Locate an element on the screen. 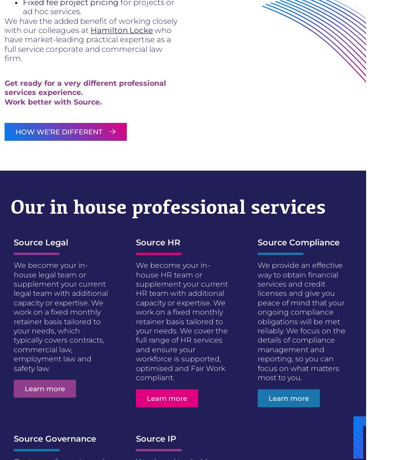  'We have the added benefit of working closely with our colleagues at' is located at coordinates (4, 25).